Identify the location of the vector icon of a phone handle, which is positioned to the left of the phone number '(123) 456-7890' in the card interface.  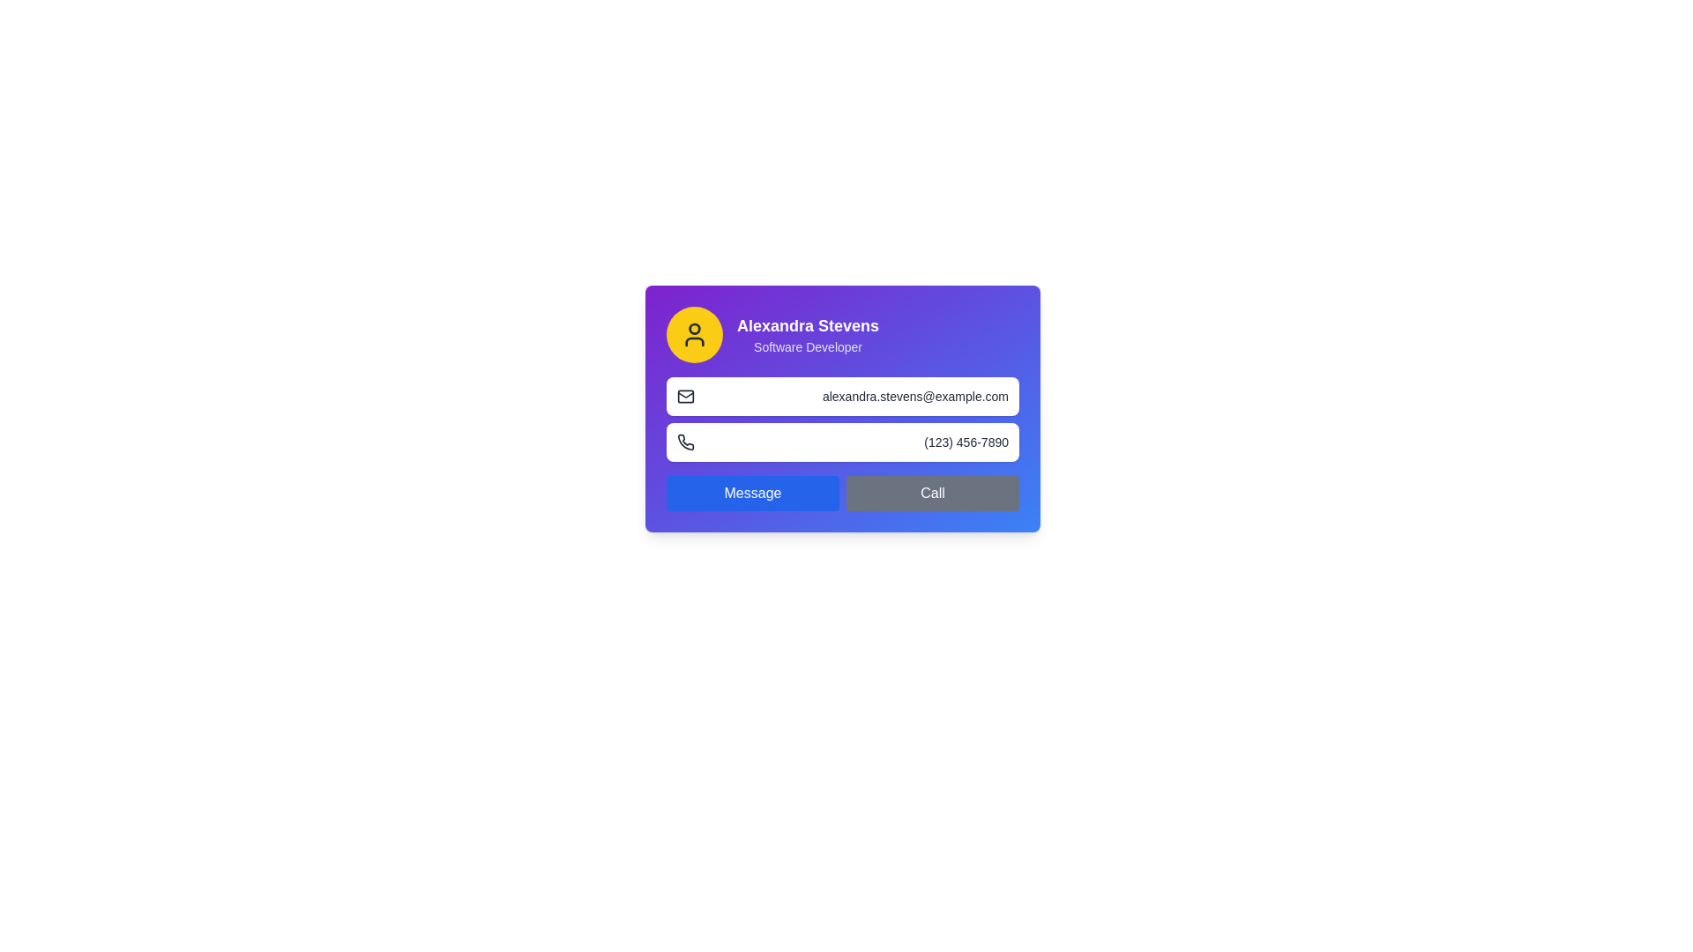
(684, 441).